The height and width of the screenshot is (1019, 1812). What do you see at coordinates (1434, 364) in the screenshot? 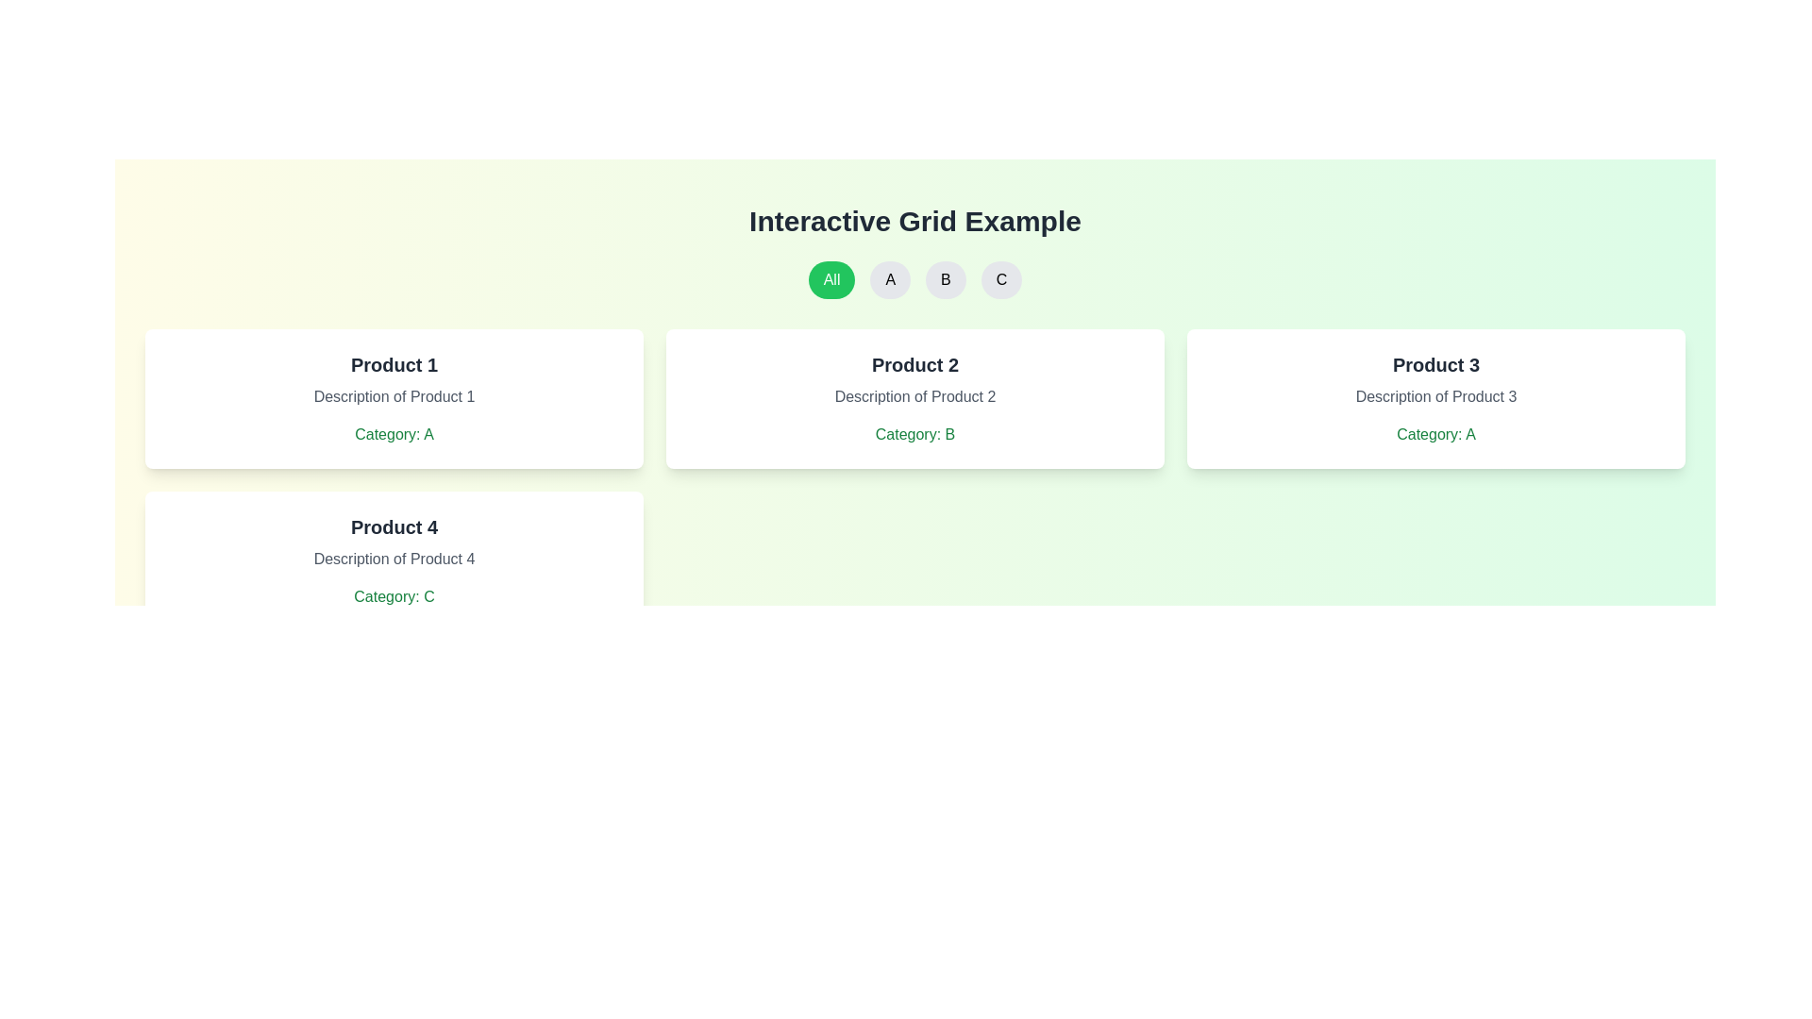
I see `the heading element that serves as the title for the product in the card, positioned in the second row, third column of the grid, above the texts 'Description of Product 3' and 'Category: A'` at bounding box center [1434, 364].